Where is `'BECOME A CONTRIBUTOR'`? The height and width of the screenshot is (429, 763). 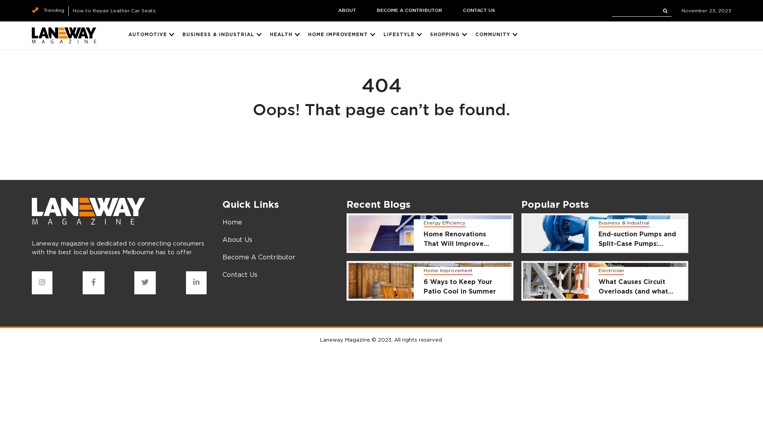 'BECOME A CONTRIBUTOR' is located at coordinates (409, 10).